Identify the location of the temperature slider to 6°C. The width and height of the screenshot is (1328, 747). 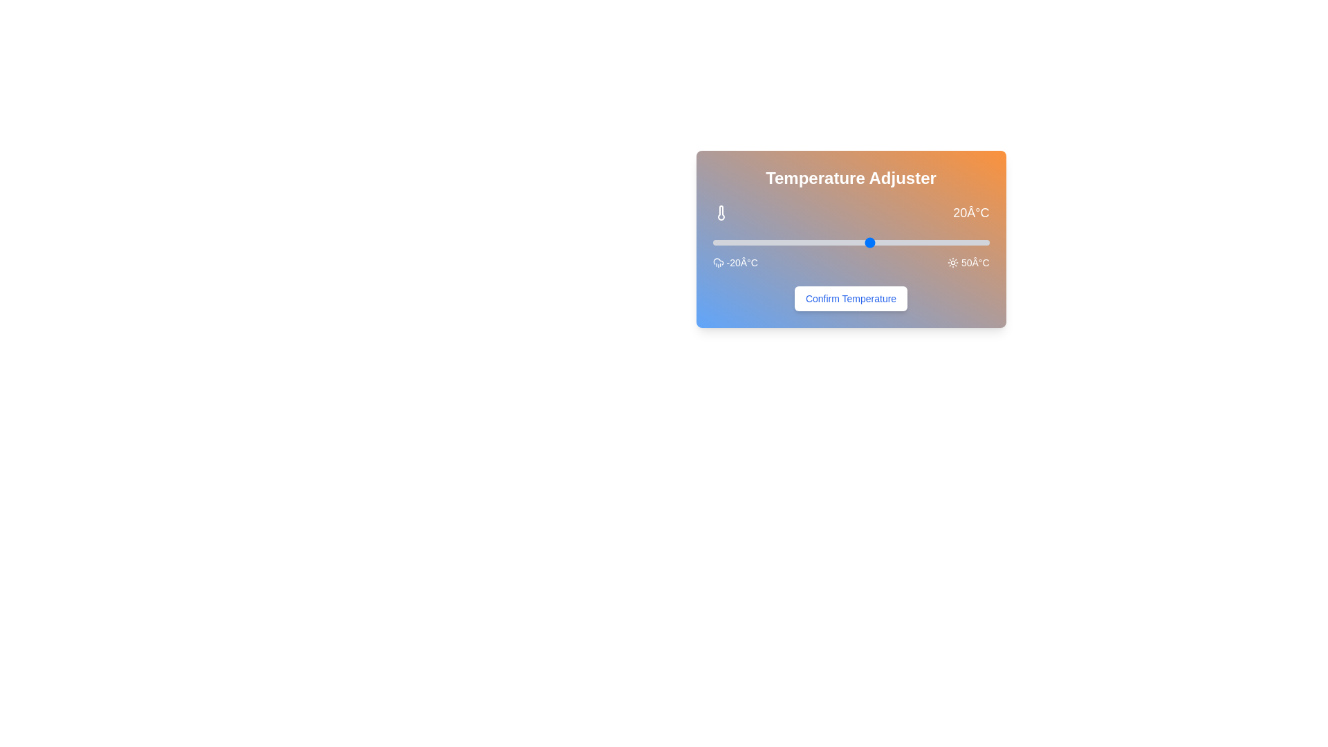
(815, 242).